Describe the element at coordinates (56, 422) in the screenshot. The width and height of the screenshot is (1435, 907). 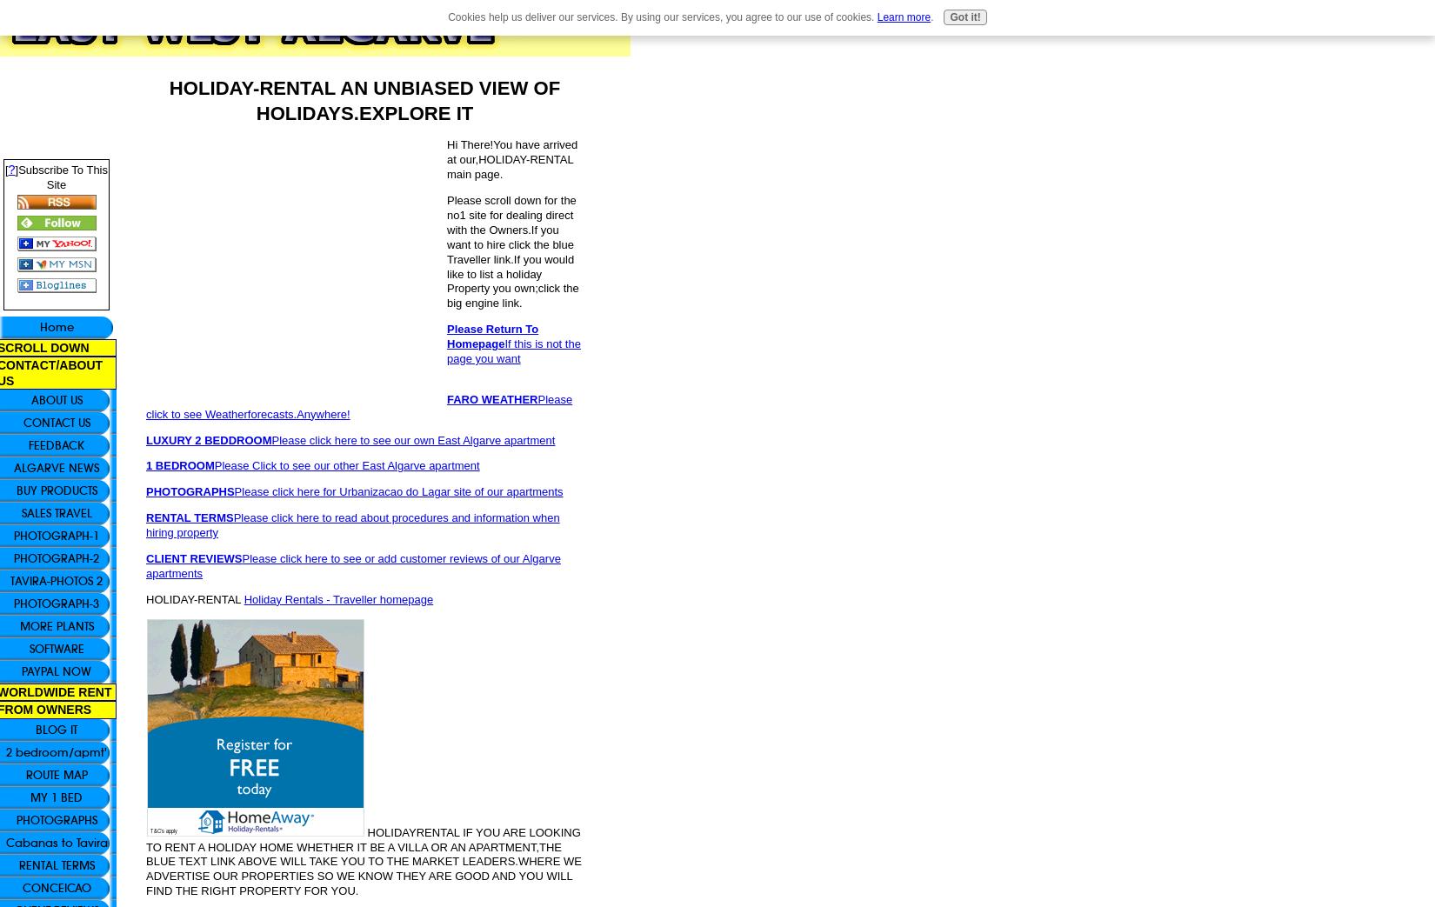
I see `'CONTACT US'` at that location.